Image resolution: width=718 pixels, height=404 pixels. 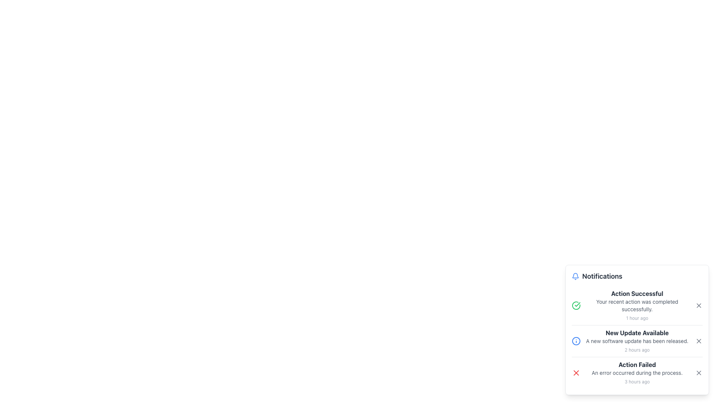 What do you see at coordinates (637, 373) in the screenshot?
I see `the error state of the third notification item located at the bottom of the notification panel` at bounding box center [637, 373].